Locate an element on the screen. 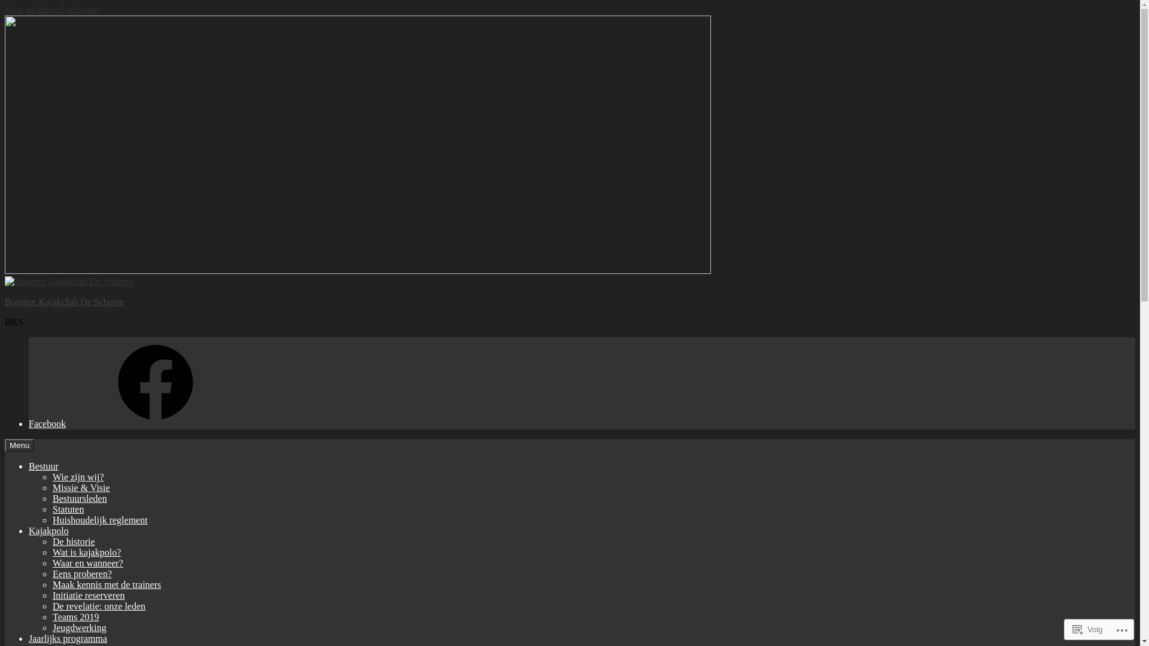  'Initiatie reserveren' is located at coordinates (51, 595).